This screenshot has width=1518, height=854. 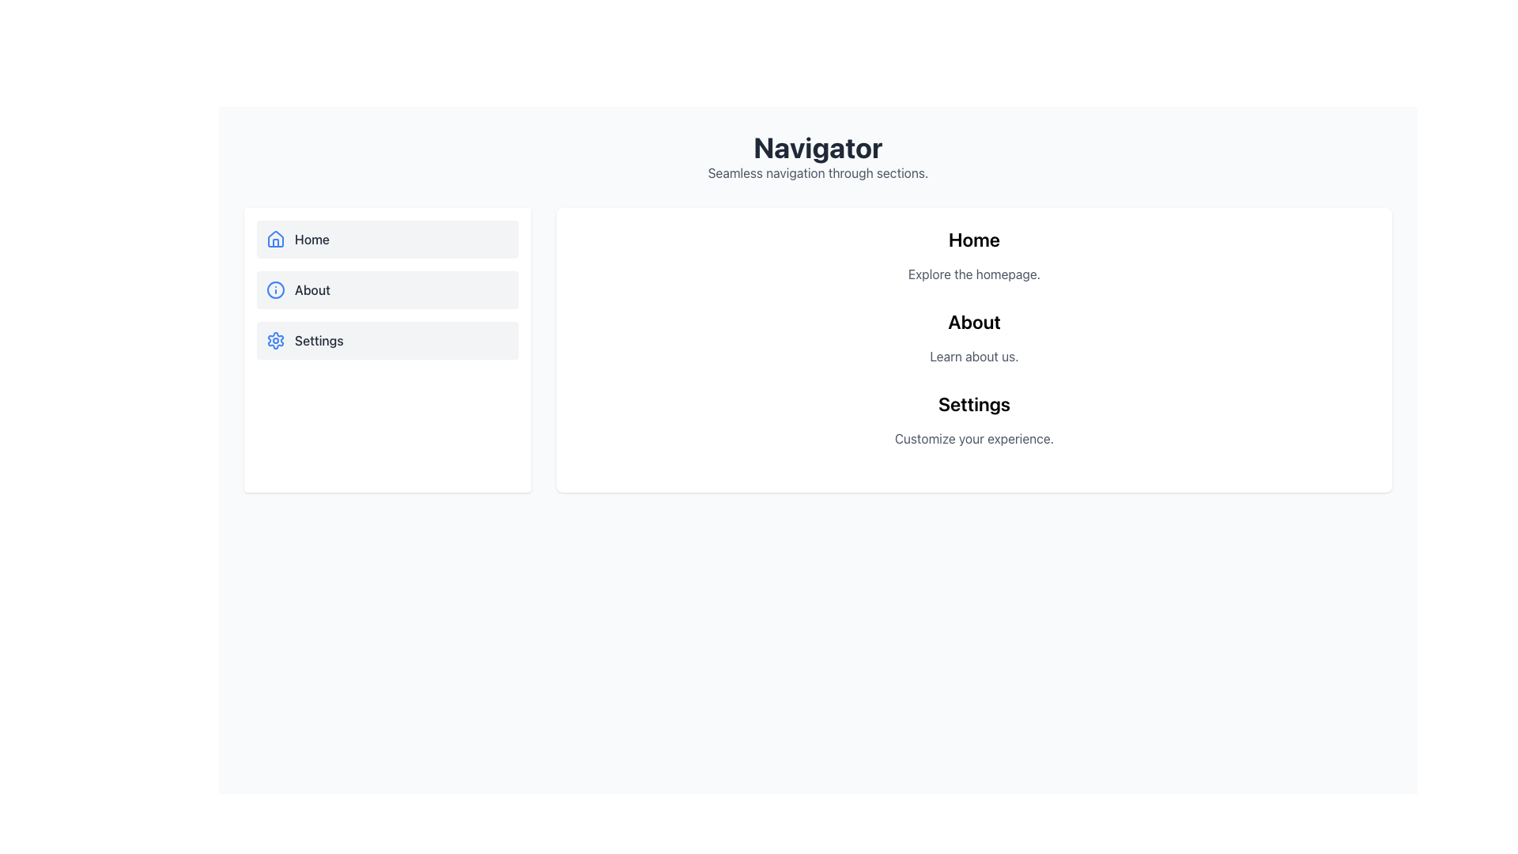 What do you see at coordinates (312, 289) in the screenshot?
I see `text label displaying 'About' located in the navigational menu, which is adjacent to a blue informational icon` at bounding box center [312, 289].